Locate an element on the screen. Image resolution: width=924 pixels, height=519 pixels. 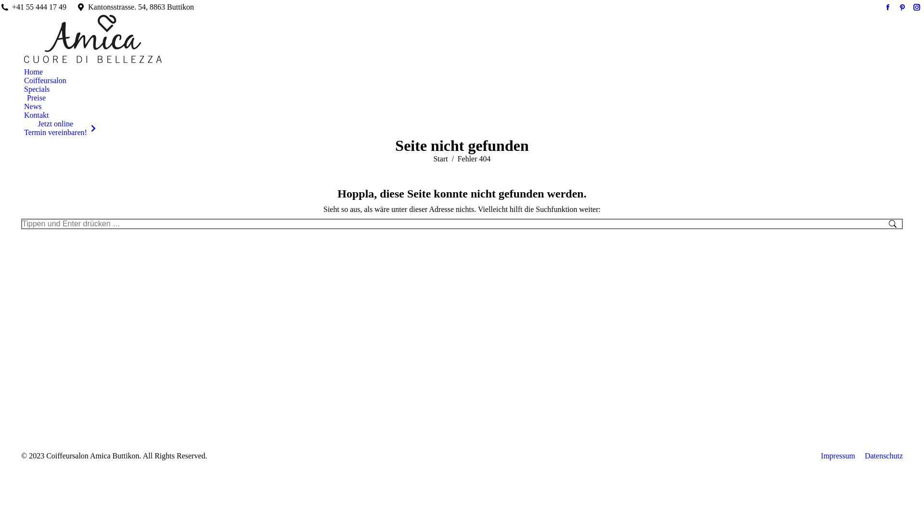
'News' is located at coordinates (32, 107).